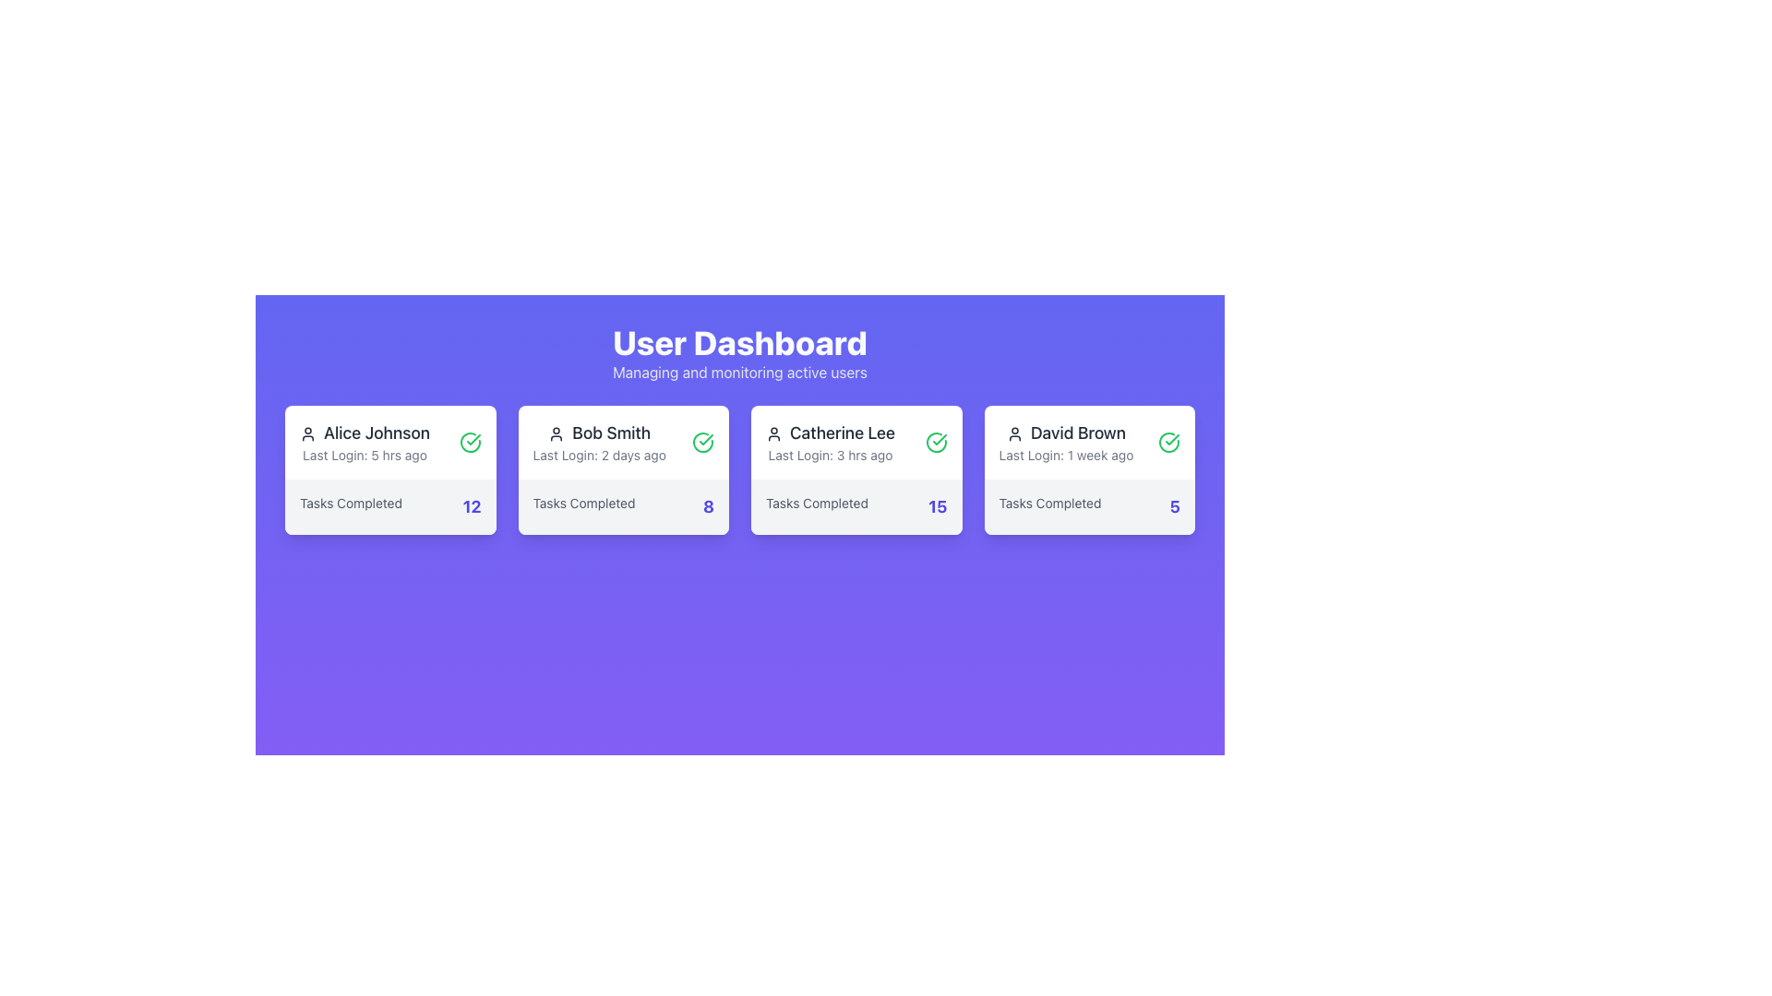 The width and height of the screenshot is (1772, 996). I want to click on the user-avatar icon located at the top-left corner of the card associated with 'Alice Johnson' for potential interactivity, so click(308, 433).